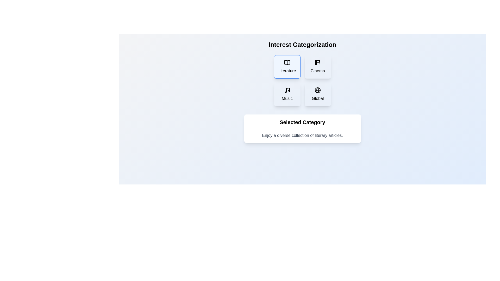  What do you see at coordinates (317, 98) in the screenshot?
I see `the text label displaying 'Global' which is located in the bottom-right card of a four-card grid layout, directly below the globe icon` at bounding box center [317, 98].